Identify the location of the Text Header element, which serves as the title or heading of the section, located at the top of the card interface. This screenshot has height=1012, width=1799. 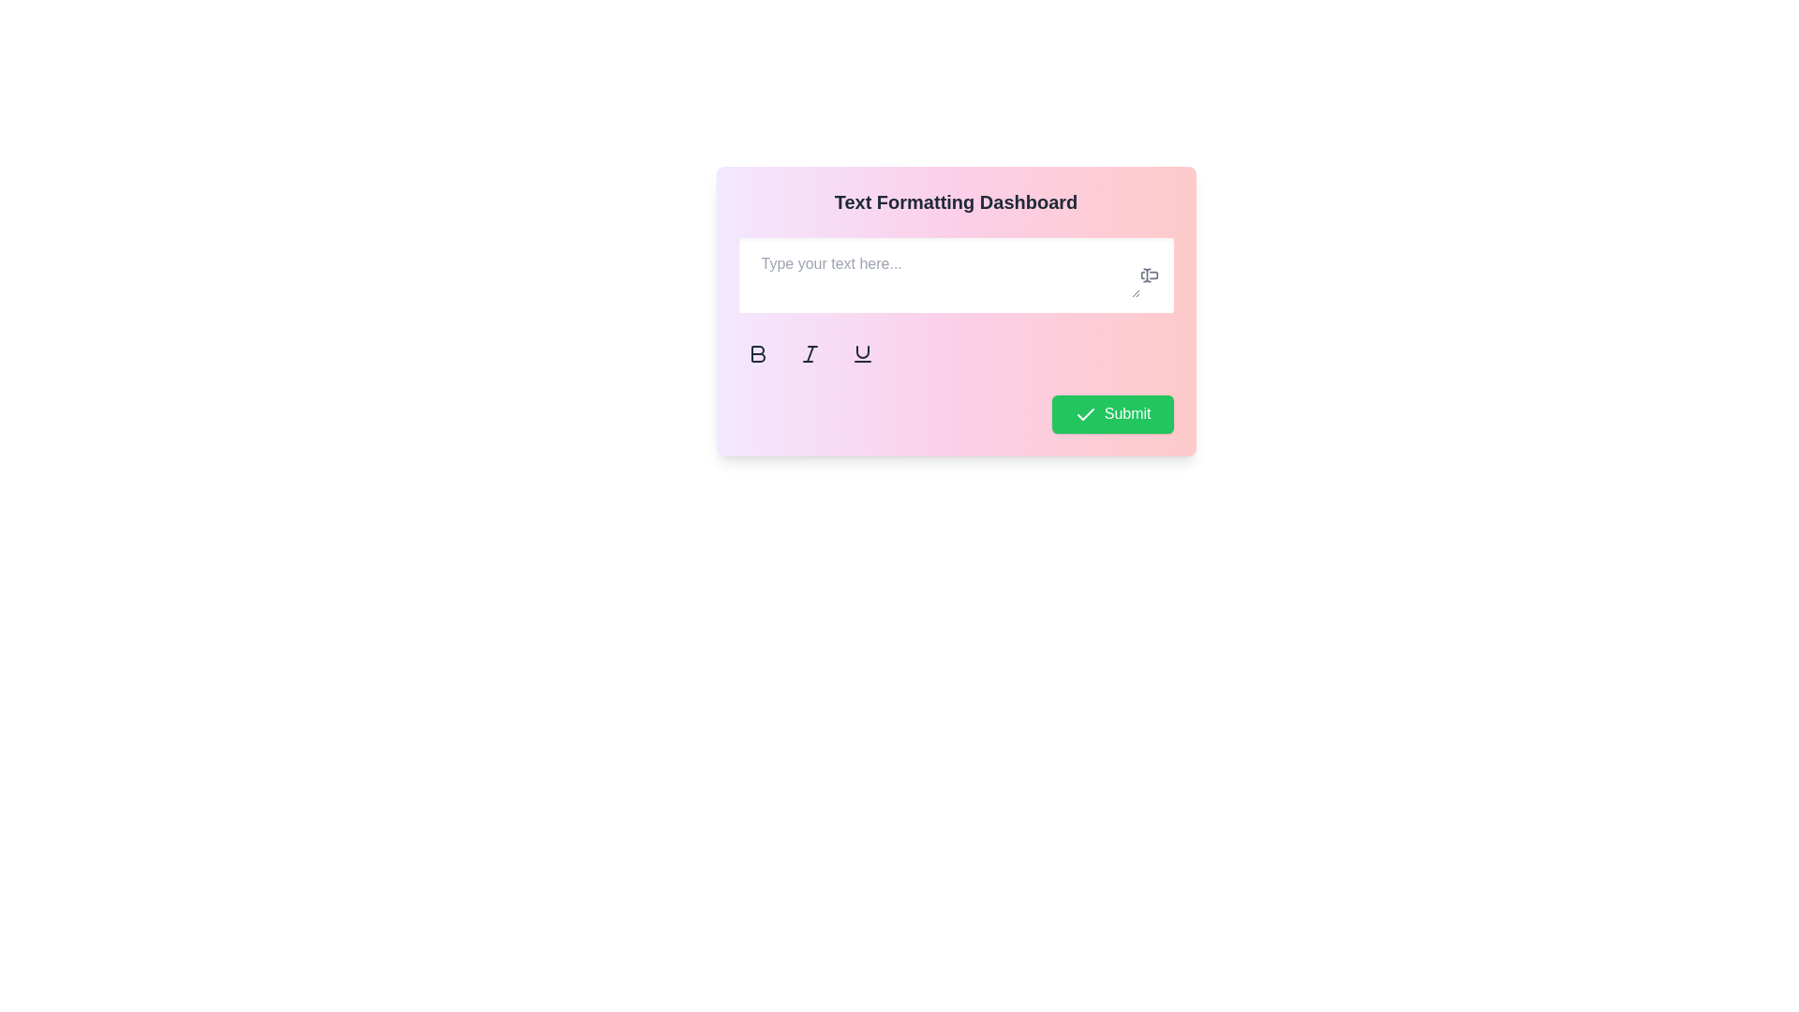
(956, 202).